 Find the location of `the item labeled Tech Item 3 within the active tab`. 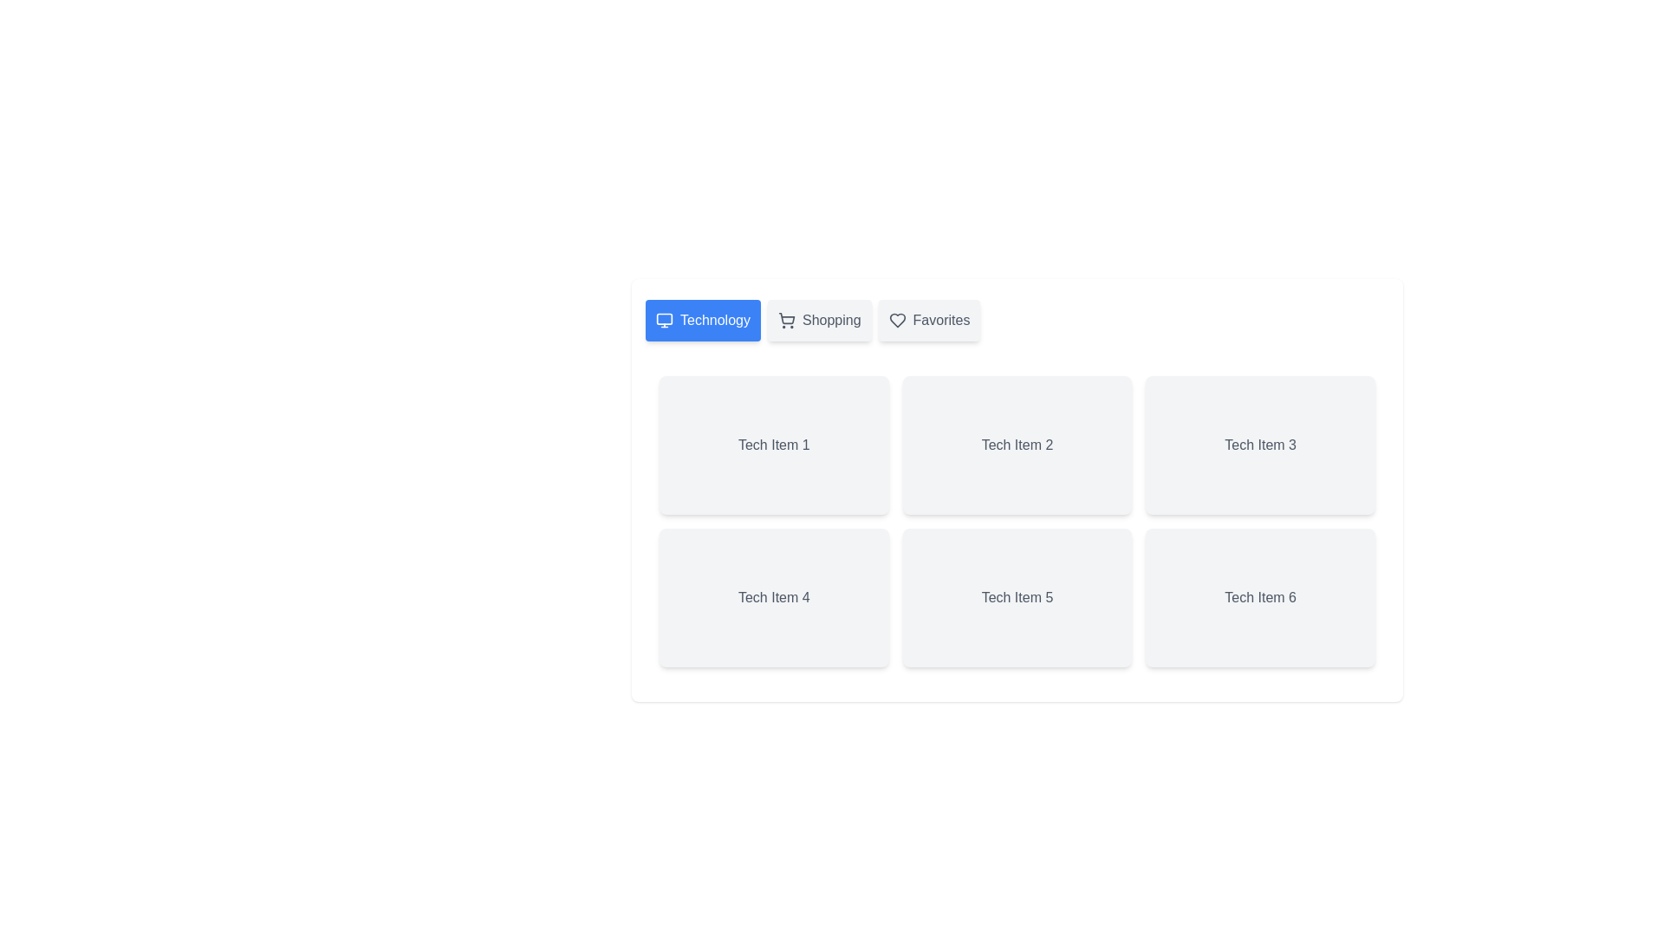

the item labeled Tech Item 3 within the active tab is located at coordinates (1260, 444).